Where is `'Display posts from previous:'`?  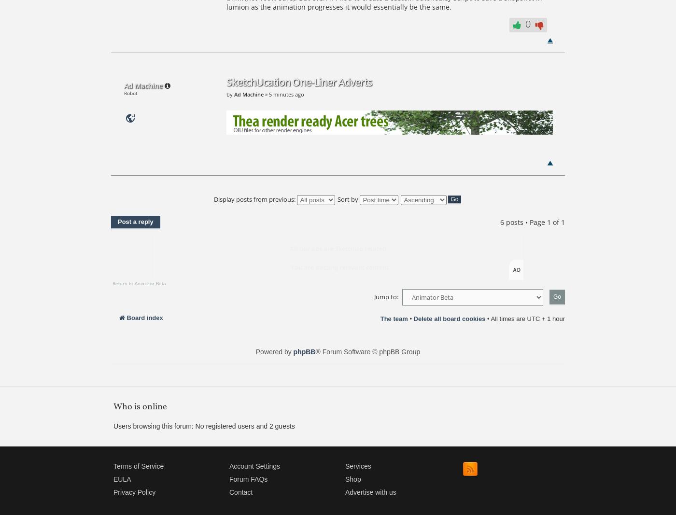 'Display posts from previous:' is located at coordinates (255, 198).